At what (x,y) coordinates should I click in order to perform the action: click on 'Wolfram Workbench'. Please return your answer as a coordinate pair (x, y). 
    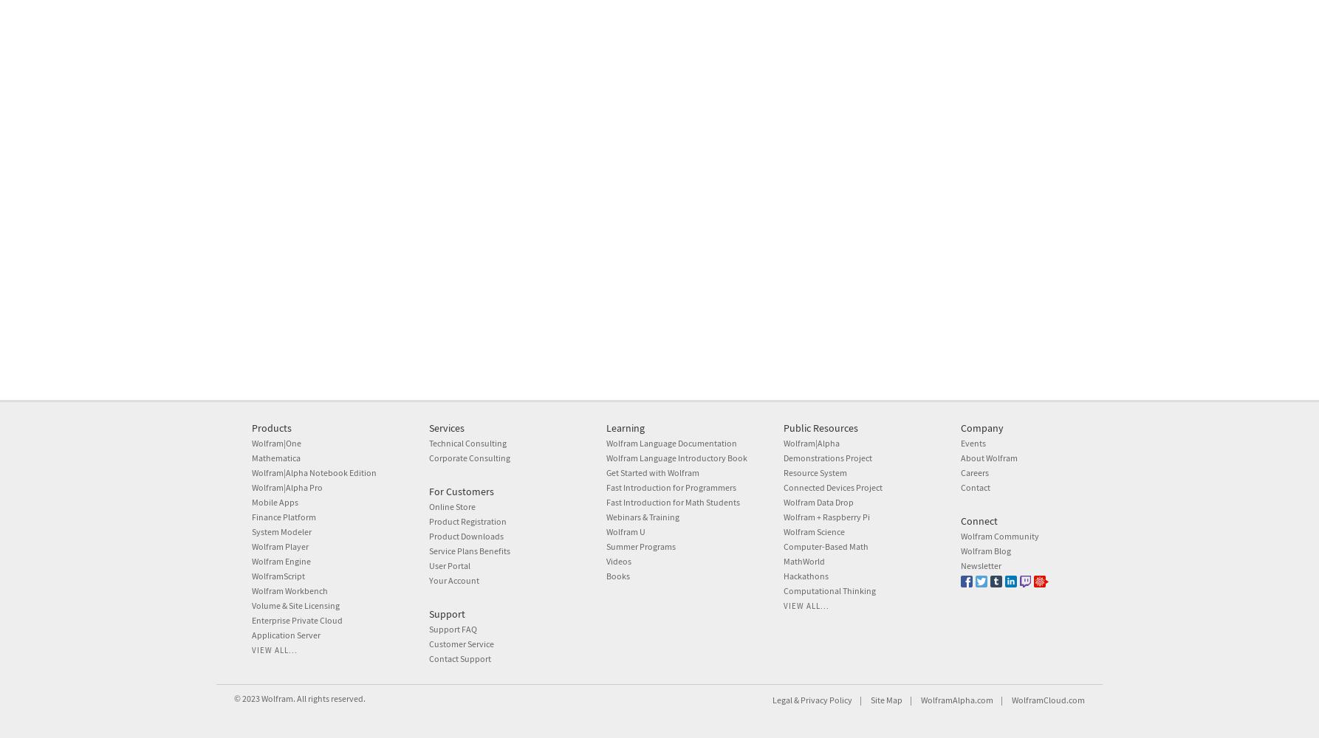
    Looking at the image, I should click on (290, 590).